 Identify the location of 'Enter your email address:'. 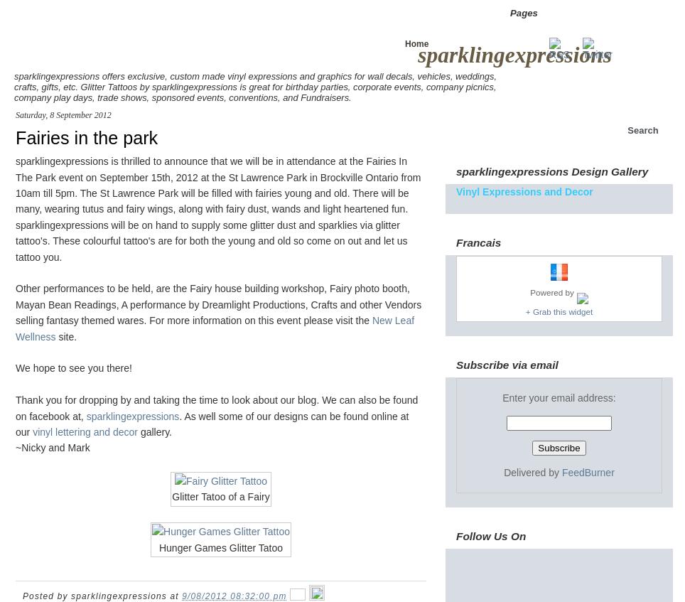
(502, 397).